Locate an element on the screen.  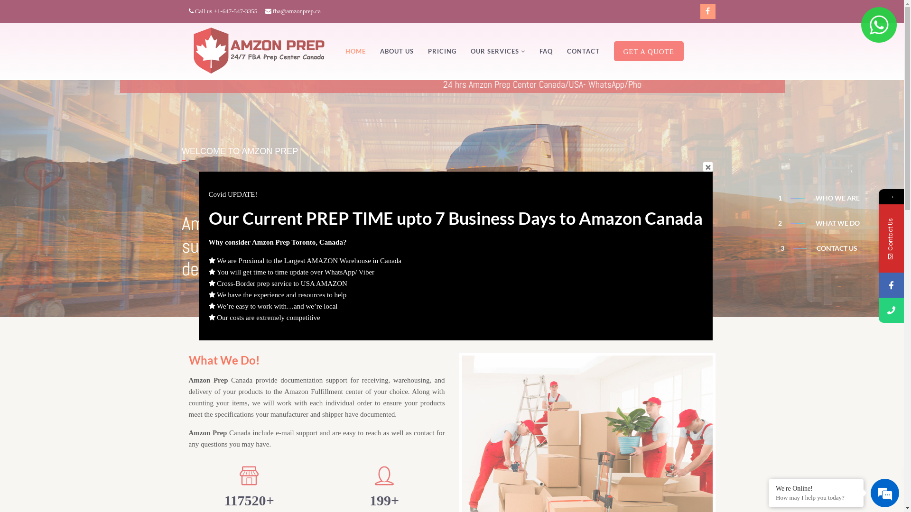
'CONTACT' is located at coordinates (567, 51).